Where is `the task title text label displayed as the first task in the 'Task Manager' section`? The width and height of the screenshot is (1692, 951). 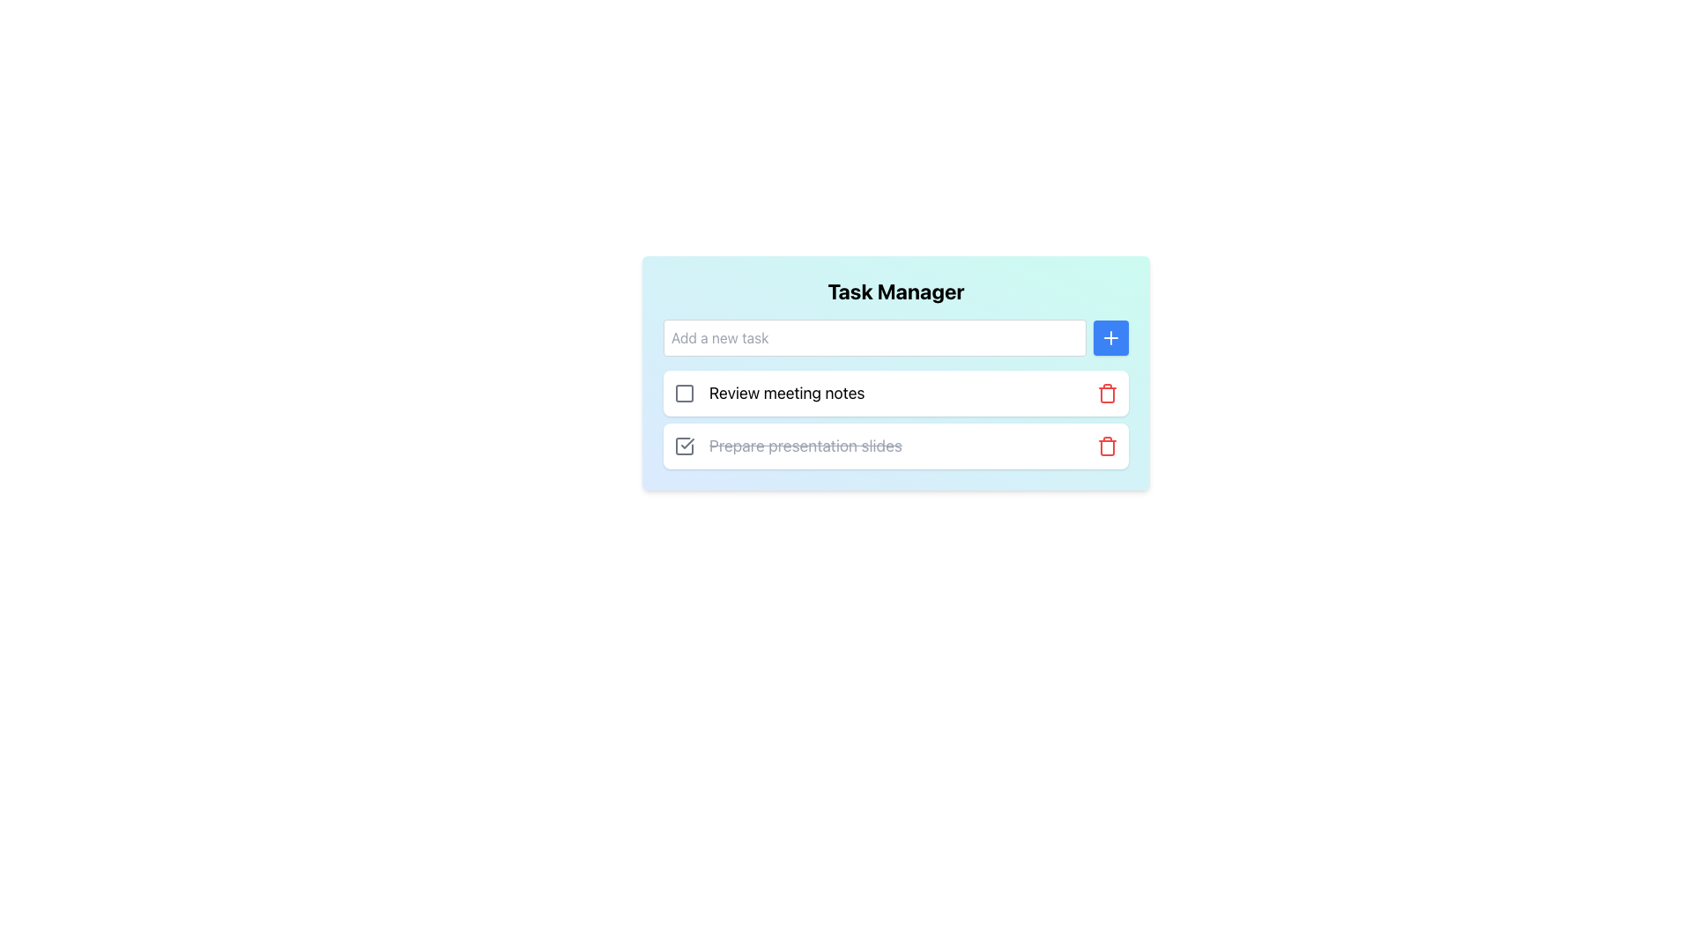
the task title text label displayed as the first task in the 'Task Manager' section is located at coordinates (769, 393).